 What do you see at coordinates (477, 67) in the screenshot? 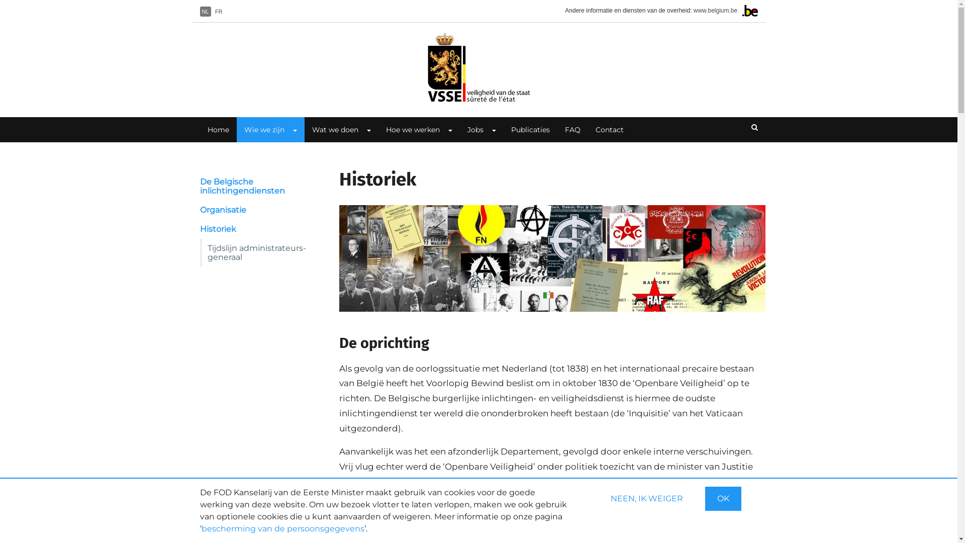
I see `'Home'` at bounding box center [477, 67].